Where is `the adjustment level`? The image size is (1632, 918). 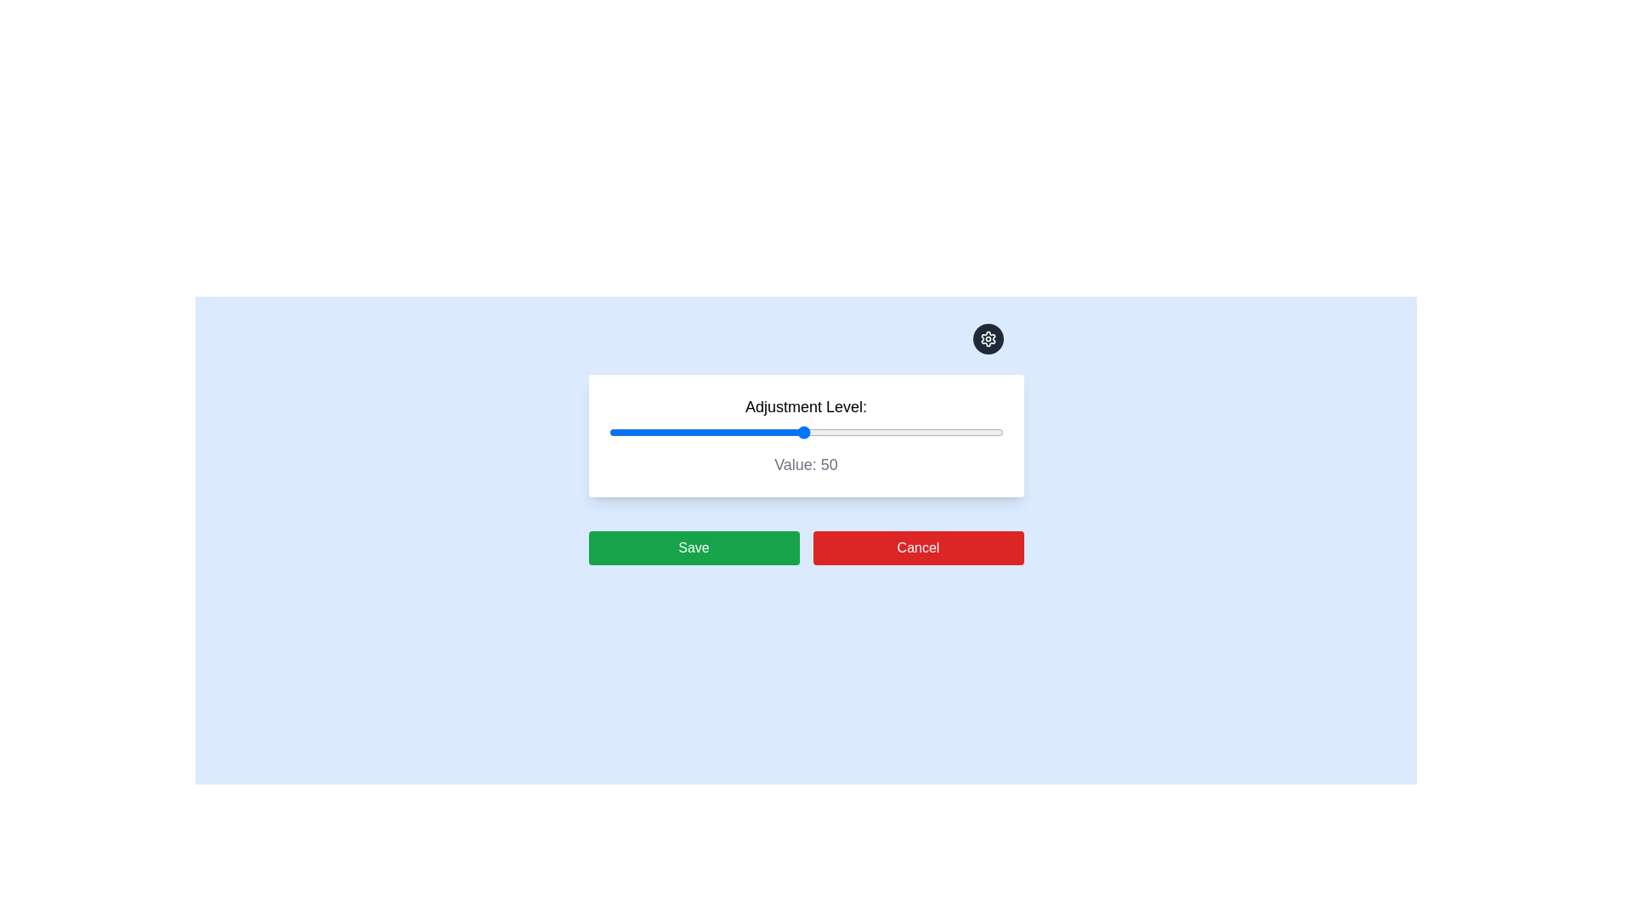 the adjustment level is located at coordinates (620, 432).